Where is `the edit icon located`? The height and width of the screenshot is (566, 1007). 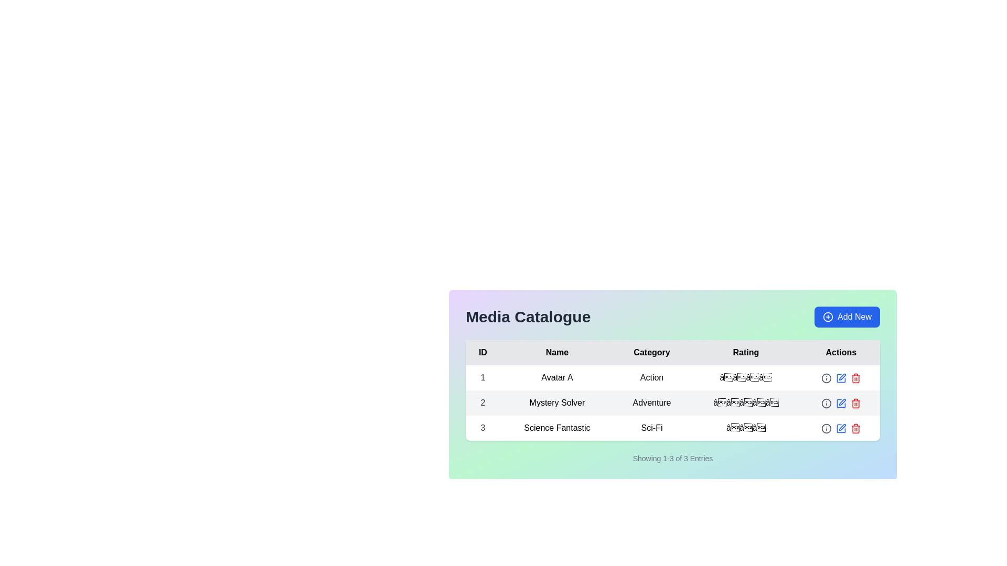
the edit icon located is located at coordinates (842, 427).